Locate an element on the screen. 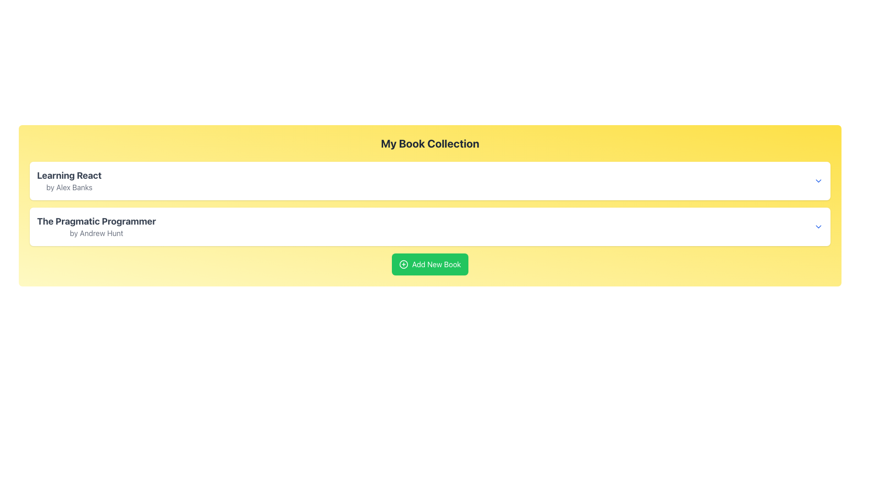 Image resolution: width=880 pixels, height=495 pixels. the blue chevron dropdown icon located to the right of the 'Learning React' title and 'by Alex Banks' subtitle is located at coordinates (818, 181).